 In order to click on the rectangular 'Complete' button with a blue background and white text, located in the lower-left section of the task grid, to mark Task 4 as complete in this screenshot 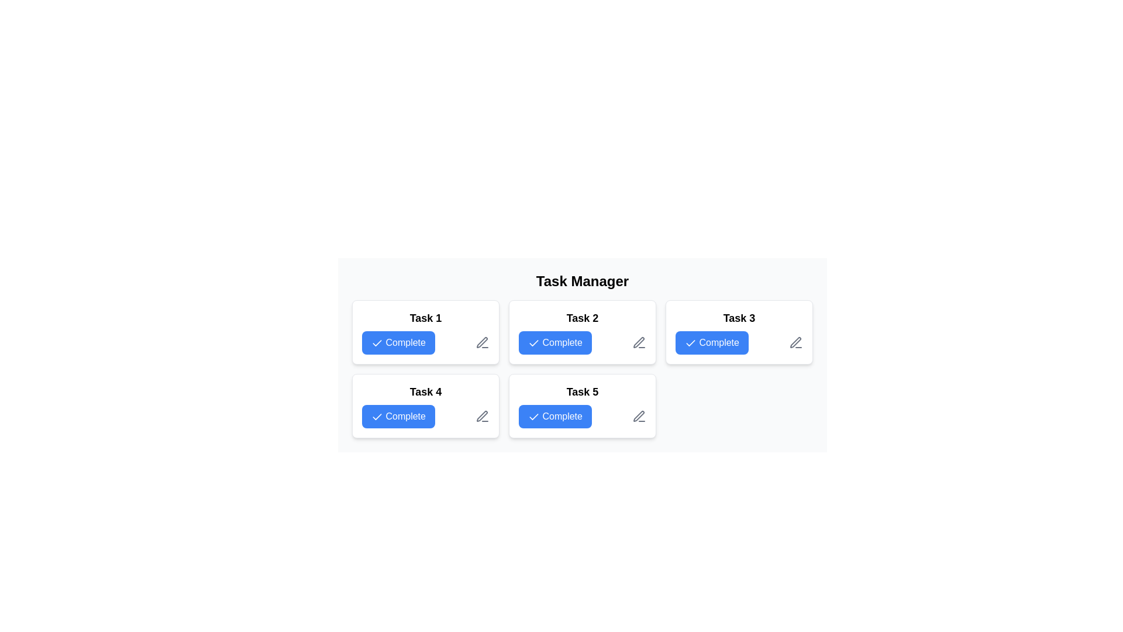, I will do `click(398, 416)`.